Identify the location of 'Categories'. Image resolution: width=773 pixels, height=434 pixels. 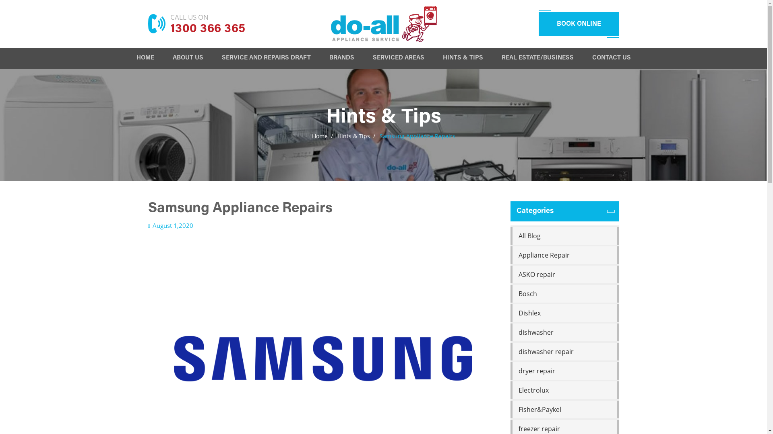
(564, 211).